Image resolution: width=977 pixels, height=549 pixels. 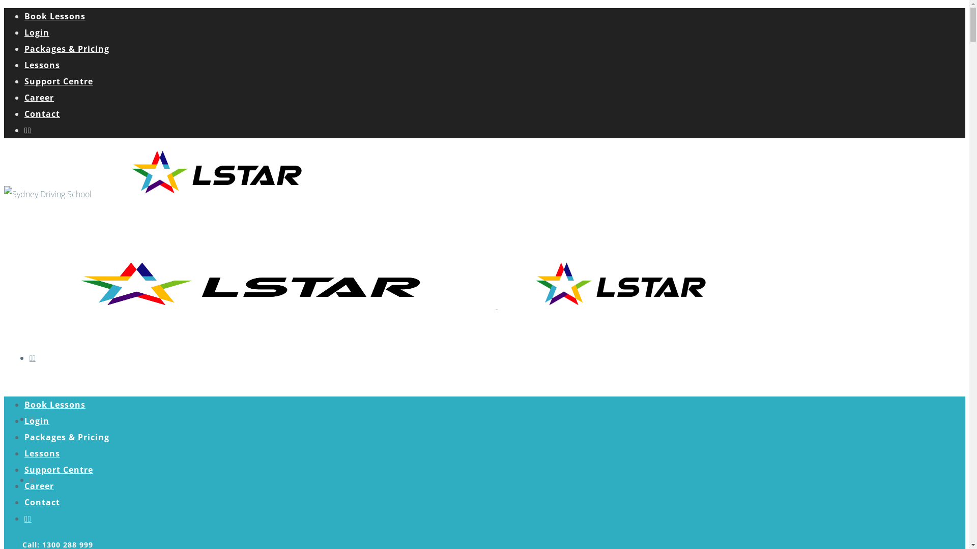 What do you see at coordinates (37, 421) in the screenshot?
I see `'Login'` at bounding box center [37, 421].